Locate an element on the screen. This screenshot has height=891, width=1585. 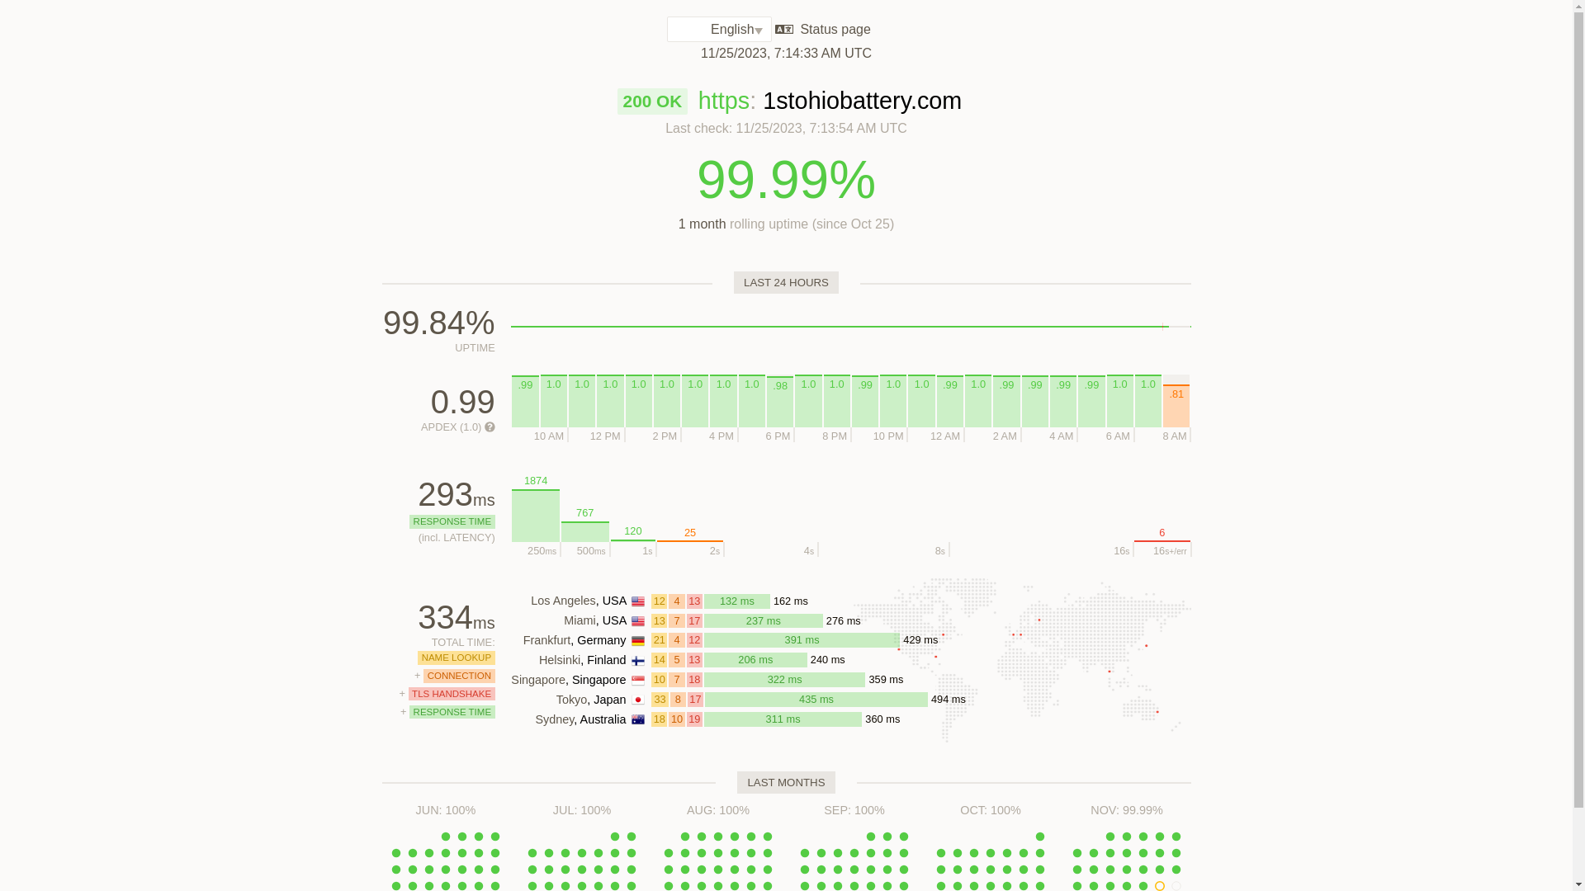
'<small>Jun 12:</small> No downtime' is located at coordinates (396, 868).